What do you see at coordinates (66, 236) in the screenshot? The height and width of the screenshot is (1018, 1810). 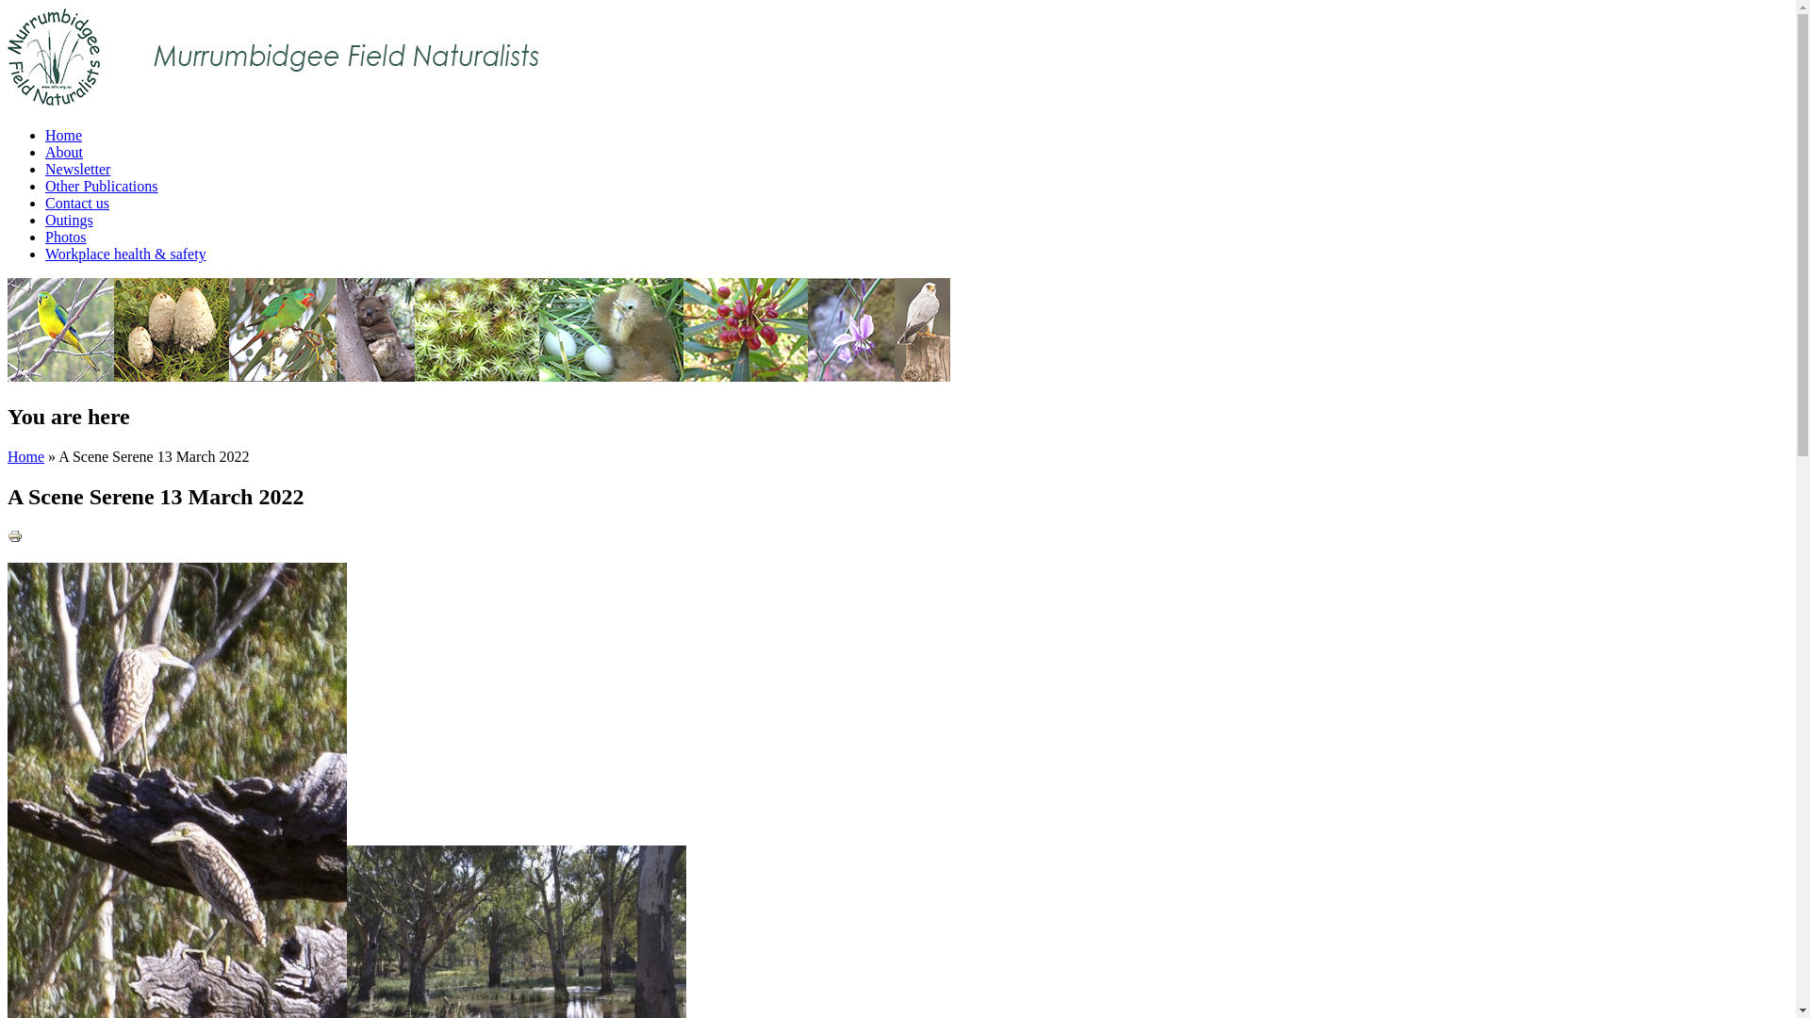 I see `'Photos'` at bounding box center [66, 236].